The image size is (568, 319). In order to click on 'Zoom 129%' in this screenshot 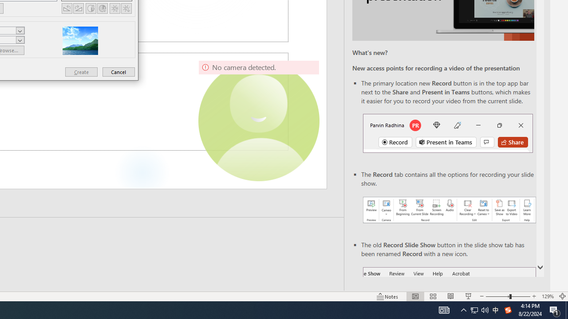, I will do `click(547, 296)`.